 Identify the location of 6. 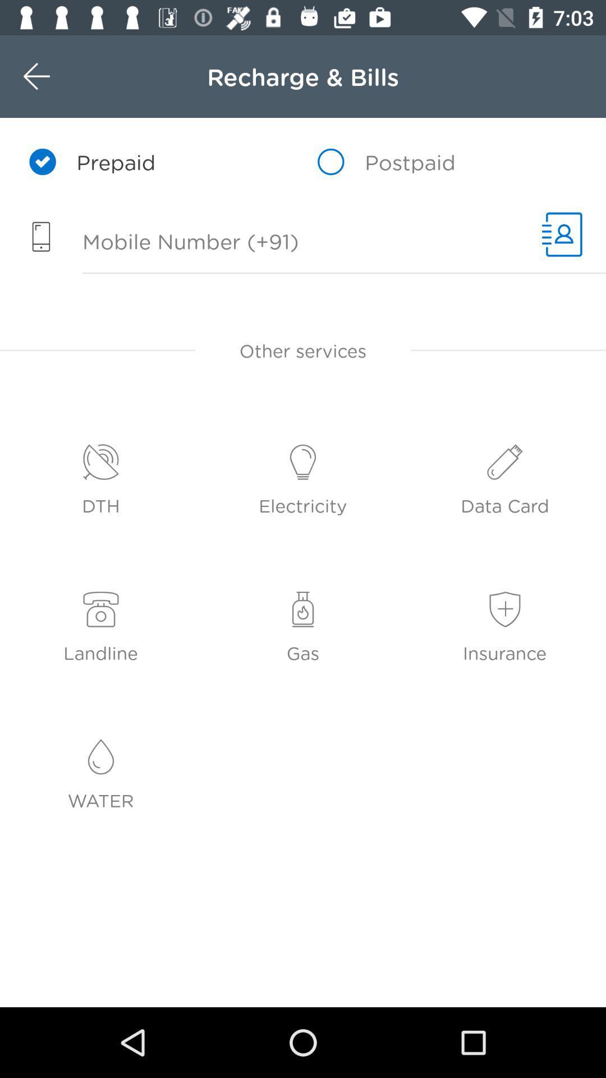
(562, 234).